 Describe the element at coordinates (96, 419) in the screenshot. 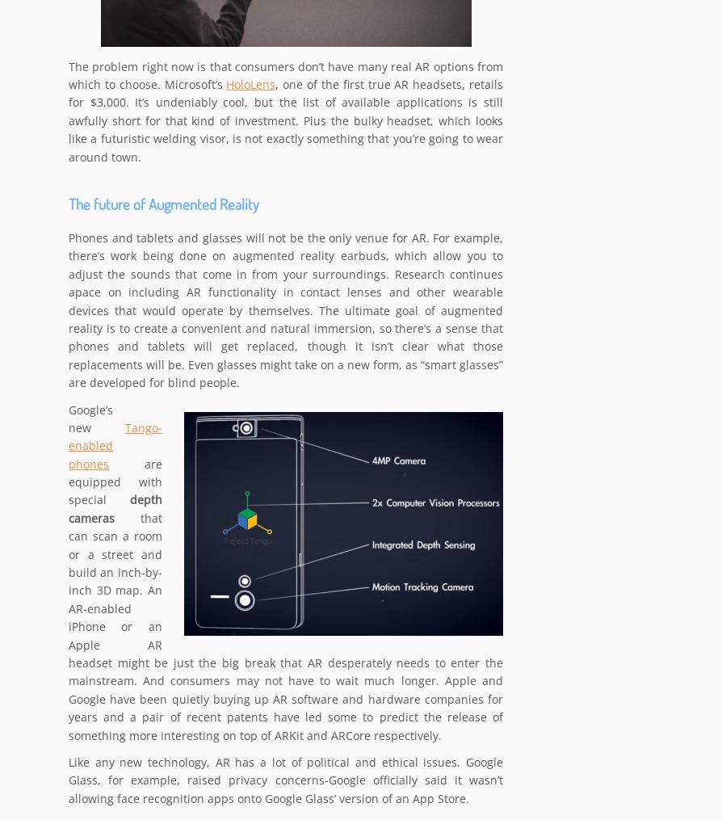

I see `'Google’s new'` at that location.